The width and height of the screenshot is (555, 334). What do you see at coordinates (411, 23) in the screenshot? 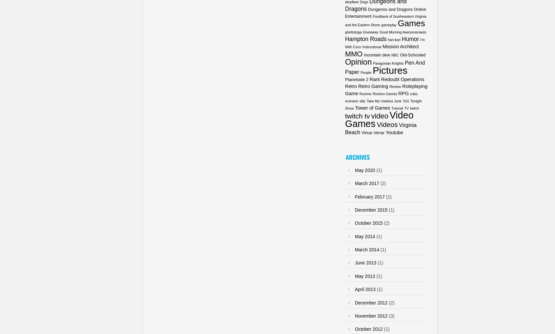
I see `'Games'` at bounding box center [411, 23].